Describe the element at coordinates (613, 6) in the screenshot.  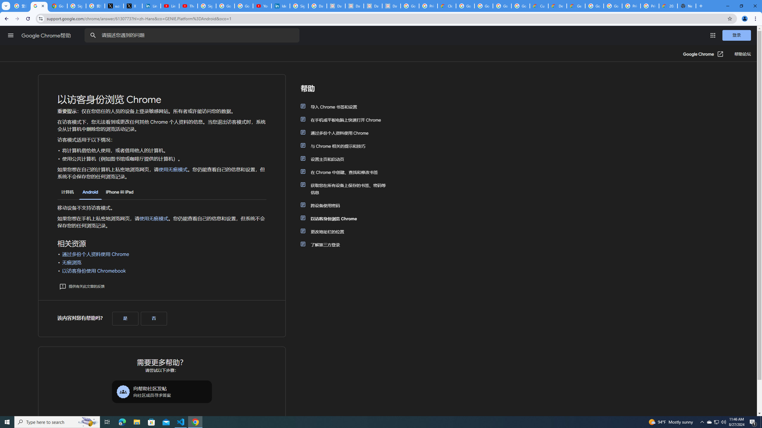
I see `'Google Cloud Platform'` at that location.